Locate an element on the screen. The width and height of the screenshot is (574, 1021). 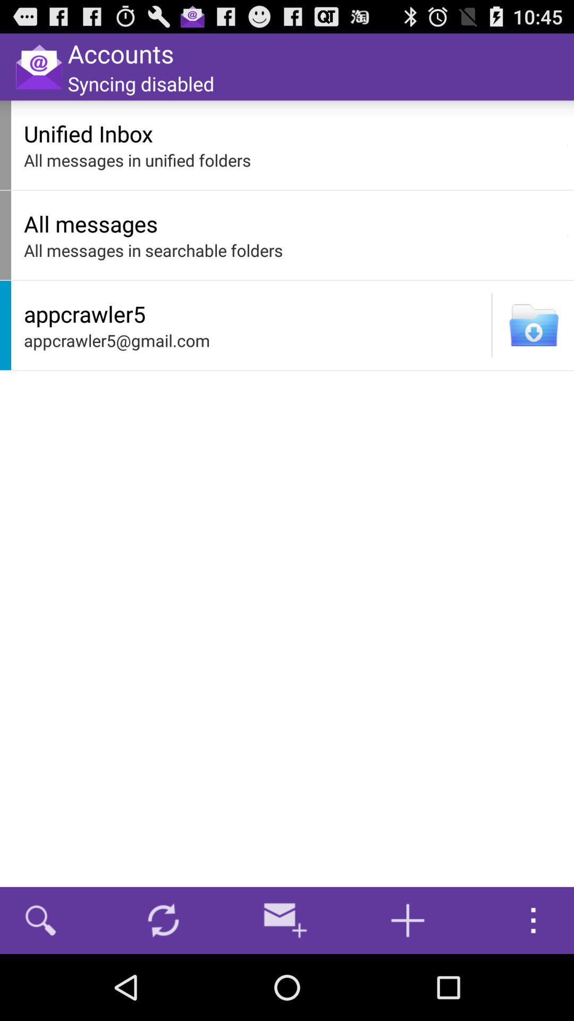
icon below the appcrawler5 item is located at coordinates (255, 340).